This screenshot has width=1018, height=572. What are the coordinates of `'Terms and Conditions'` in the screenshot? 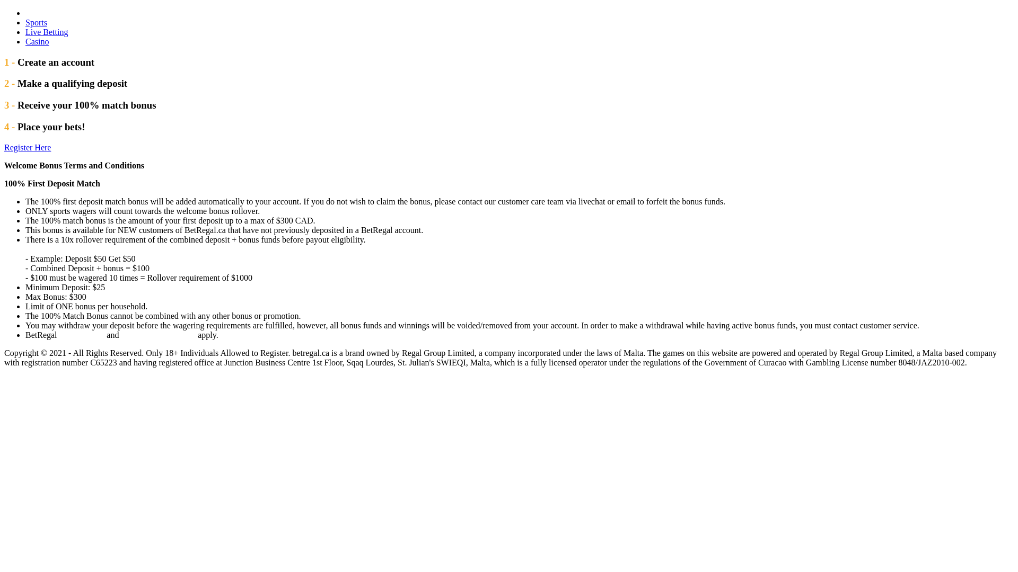 It's located at (157, 335).